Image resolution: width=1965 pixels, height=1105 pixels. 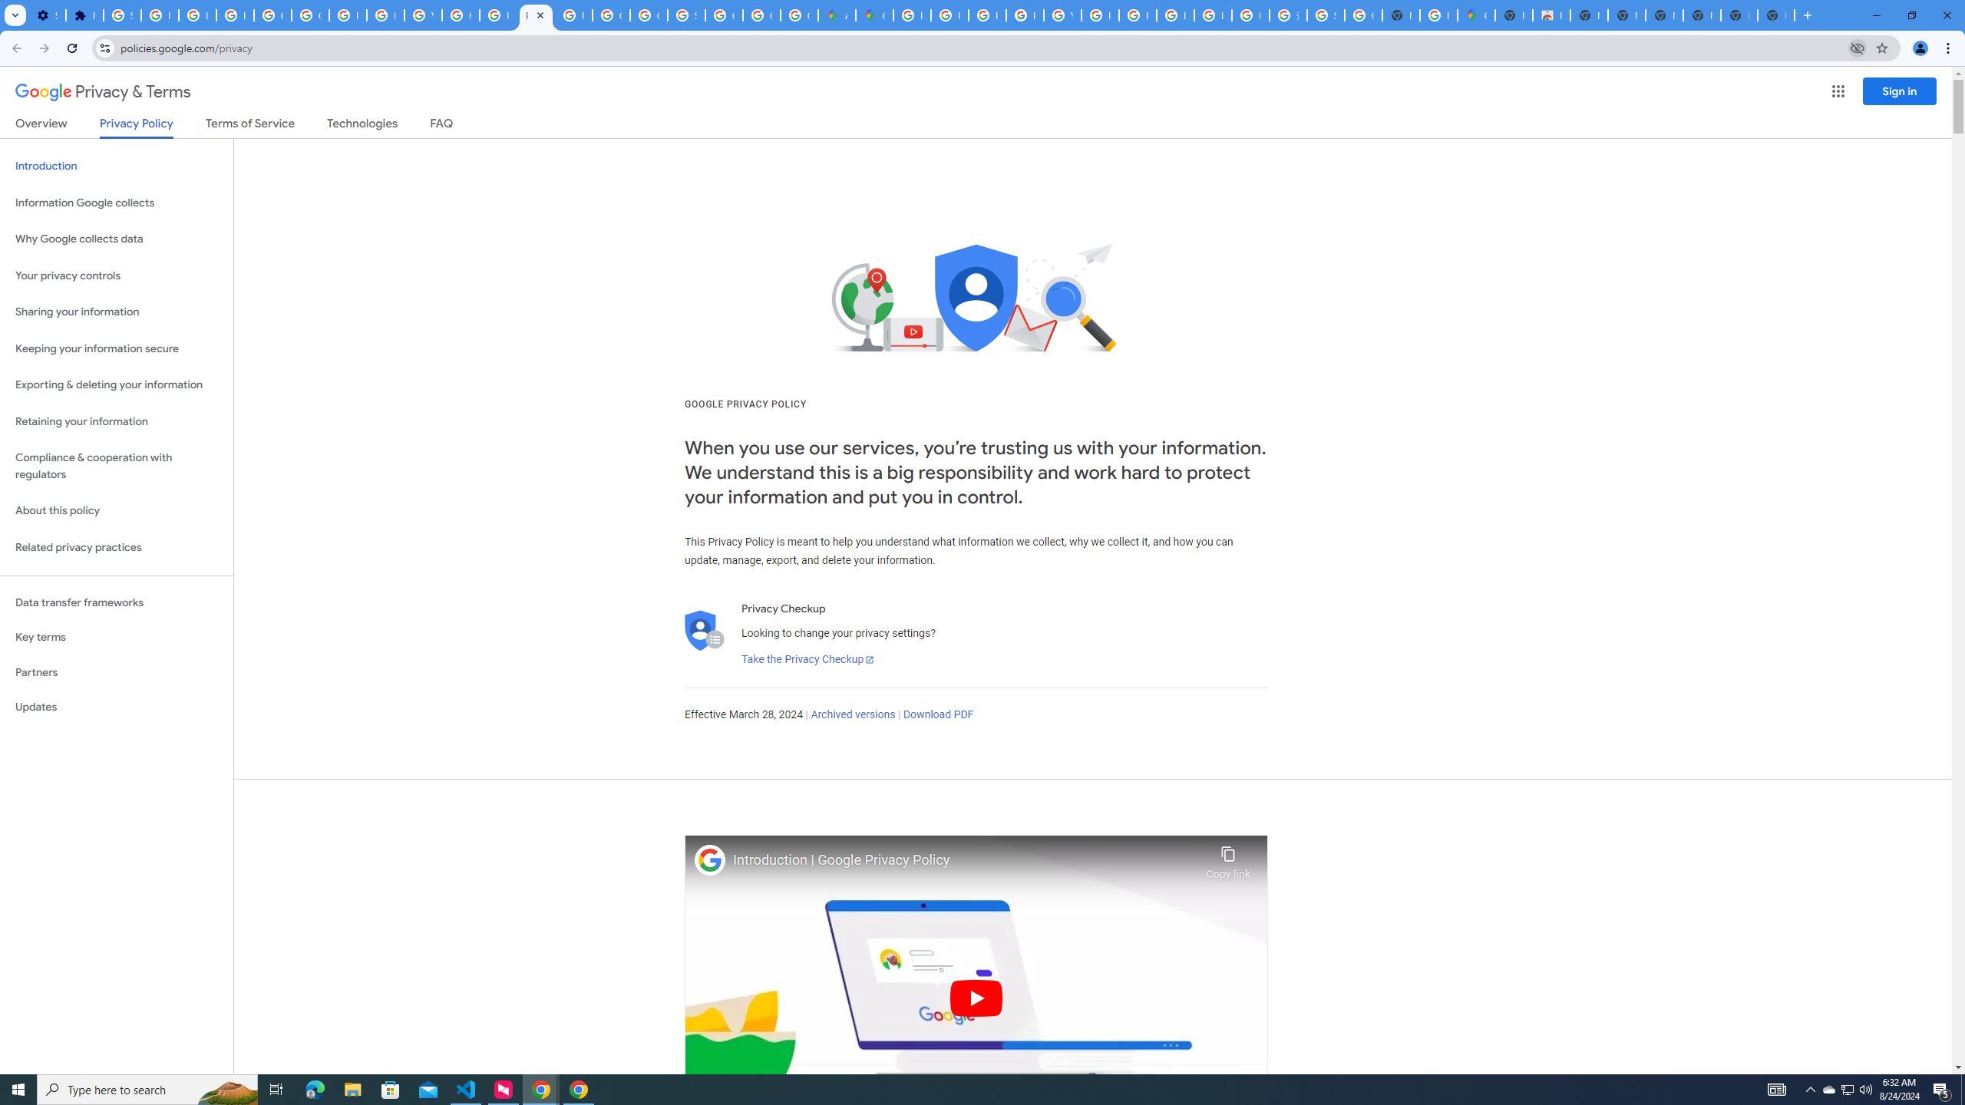 I want to click on 'Extensions', so click(x=84, y=15).